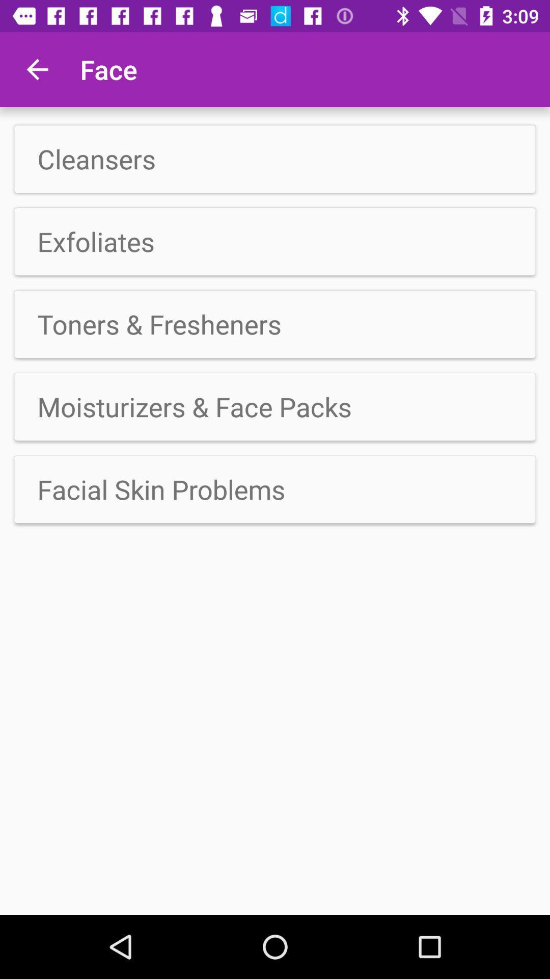  What do you see at coordinates (275, 323) in the screenshot?
I see `icon below exfoliates app` at bounding box center [275, 323].